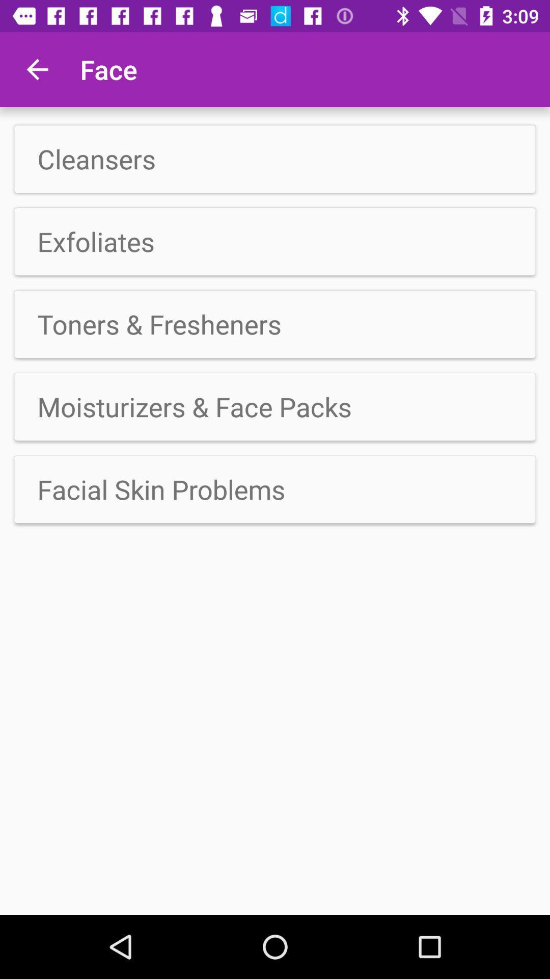  What do you see at coordinates (275, 323) in the screenshot?
I see `icon below exfoliates app` at bounding box center [275, 323].